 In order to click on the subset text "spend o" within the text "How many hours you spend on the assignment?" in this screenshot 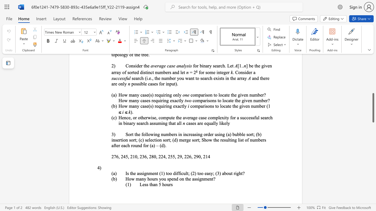, I will do `click(167, 178)`.